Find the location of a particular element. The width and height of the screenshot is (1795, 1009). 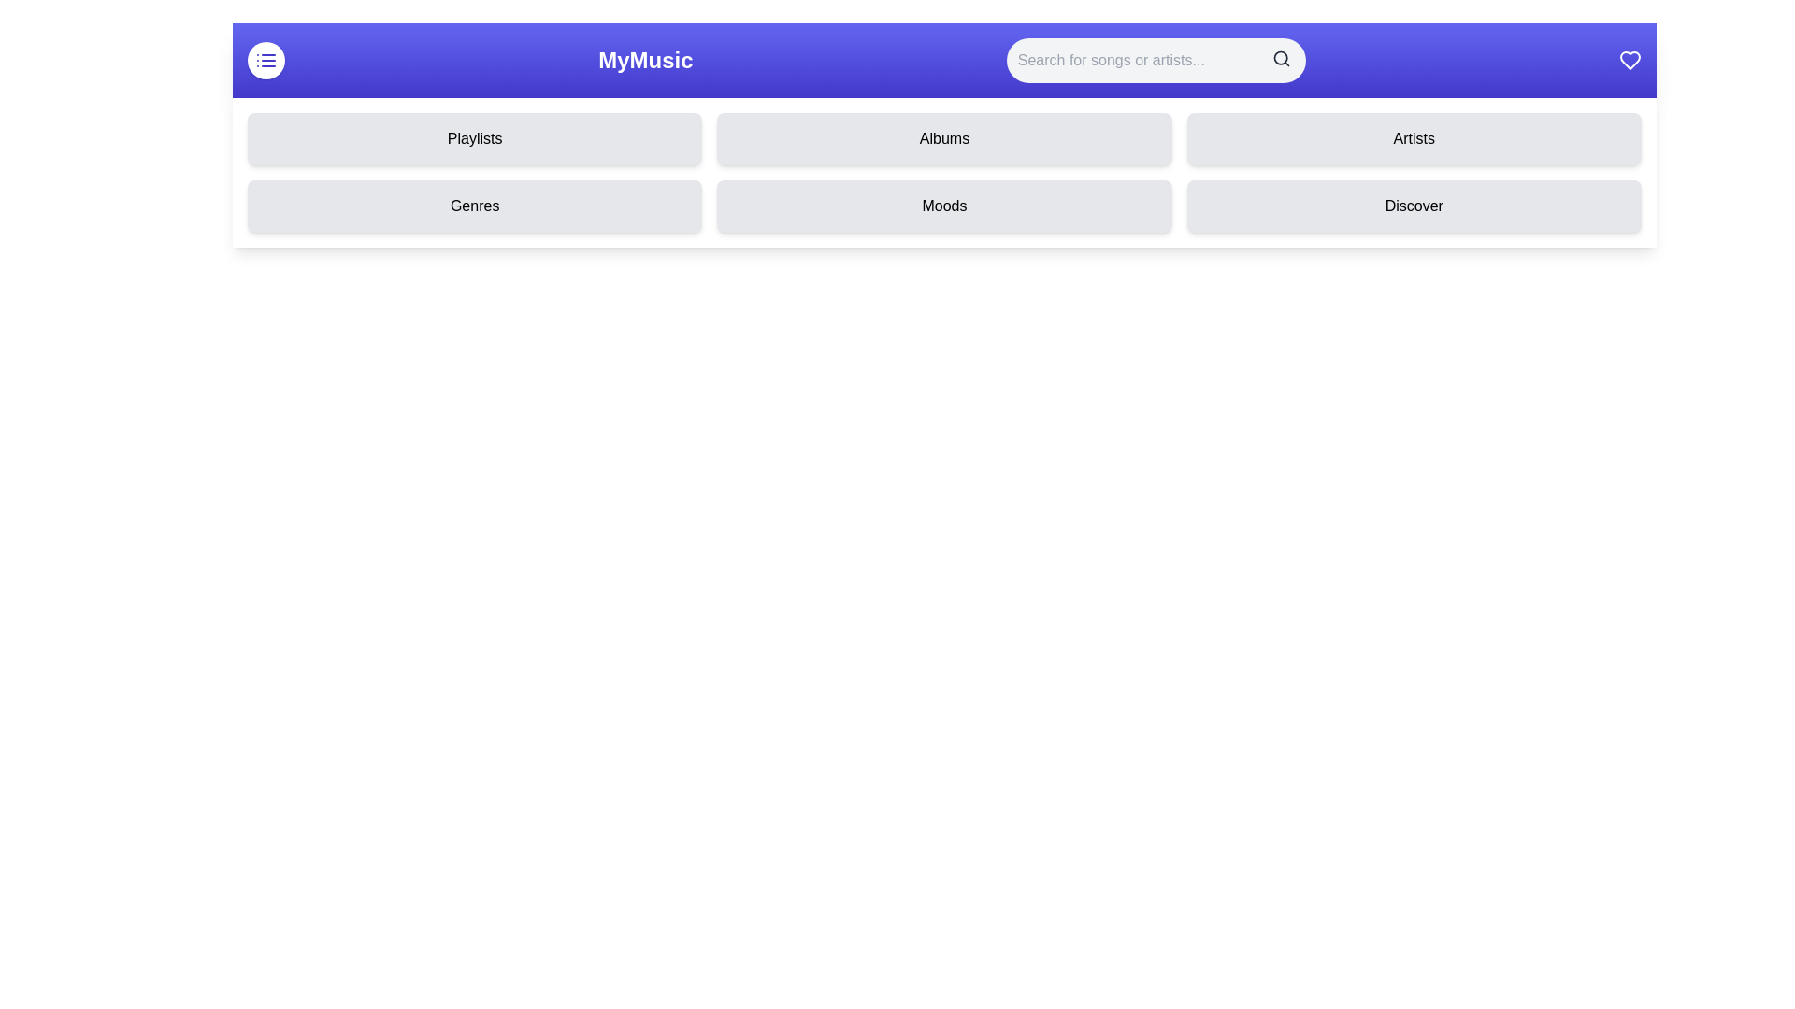

the menu toggle button to change the menu's visibility is located at coordinates (265, 60).